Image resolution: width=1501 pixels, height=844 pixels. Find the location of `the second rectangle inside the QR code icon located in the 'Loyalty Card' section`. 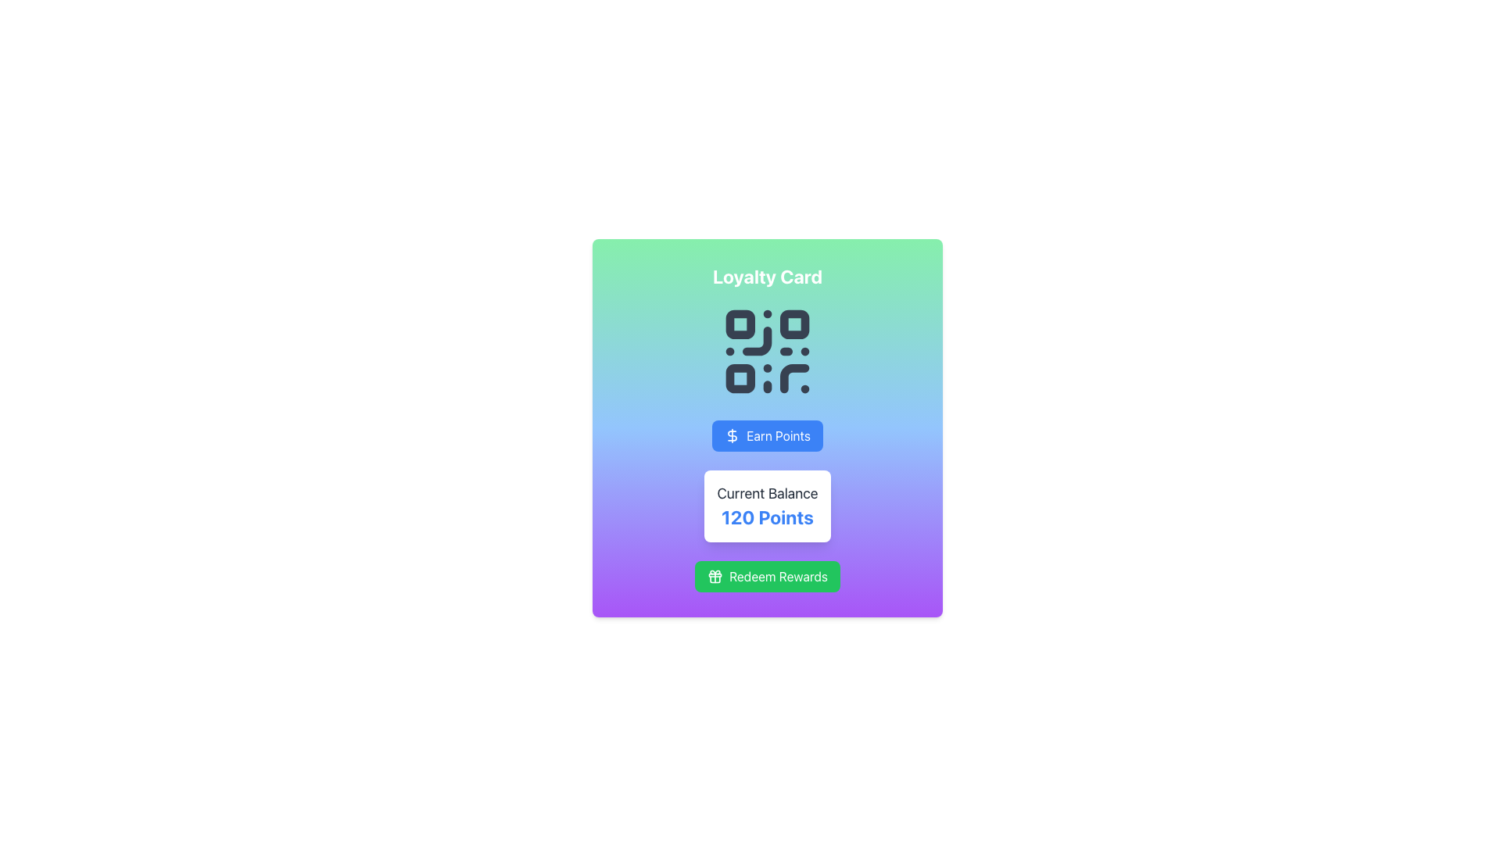

the second rectangle inside the QR code icon located in the 'Loyalty Card' section is located at coordinates (794, 324).